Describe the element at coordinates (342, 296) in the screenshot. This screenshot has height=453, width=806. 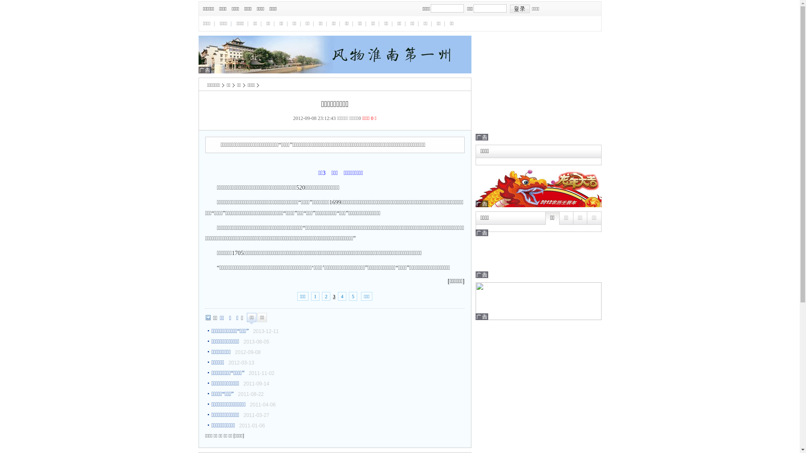
I see `'4'` at that location.